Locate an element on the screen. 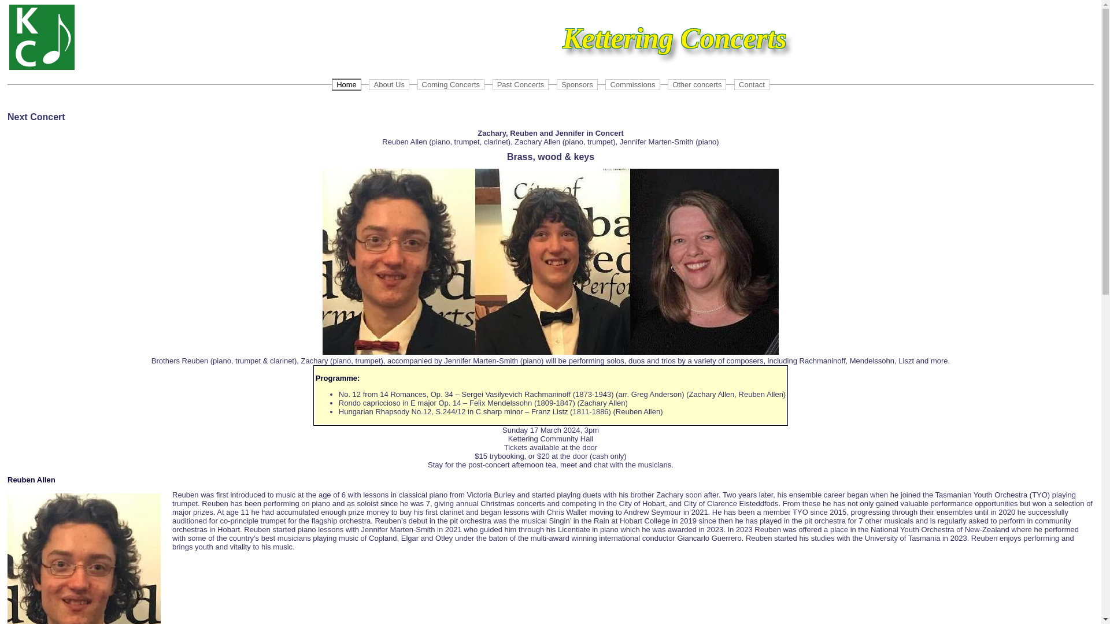  'Kettering Concerts' is located at coordinates (9, 36).